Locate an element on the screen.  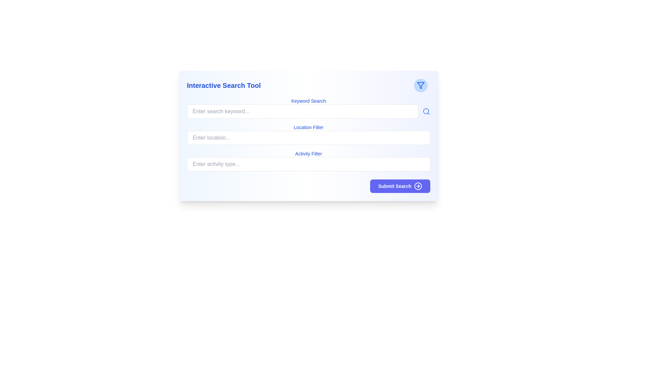
the bold blue title 'Interactive Search Tool' is located at coordinates (224, 85).